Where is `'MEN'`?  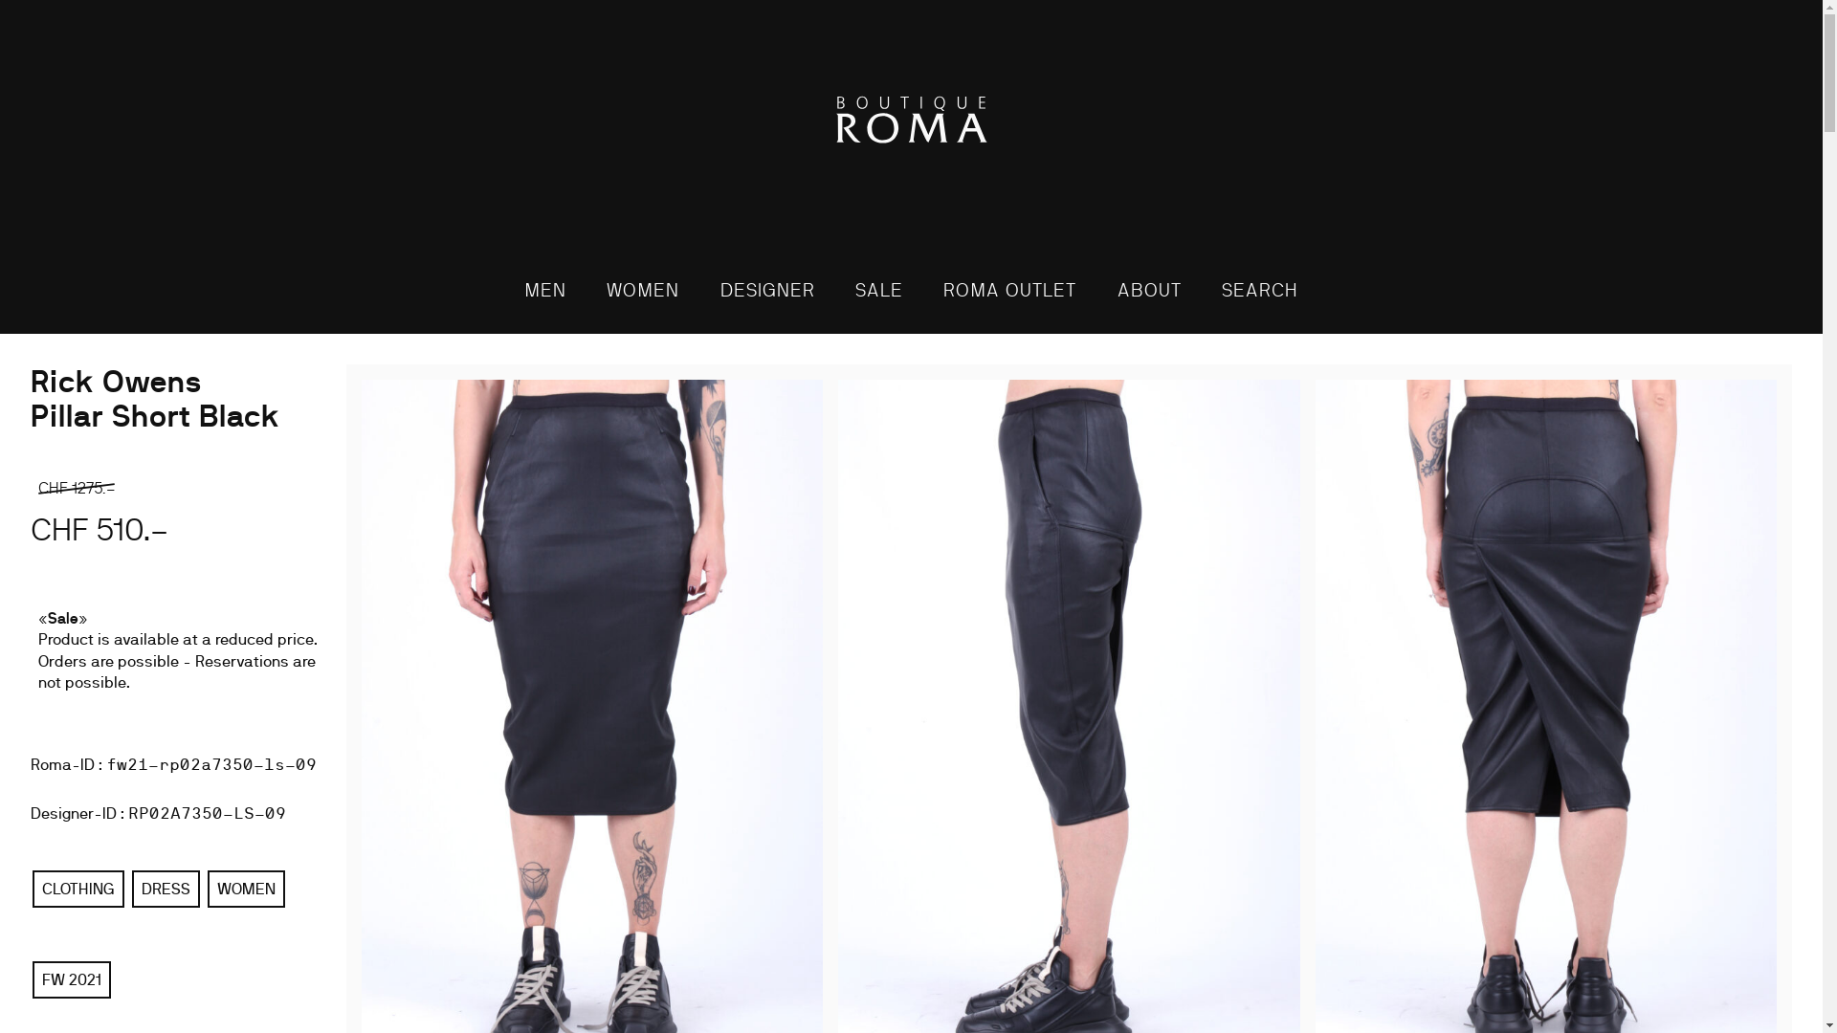
'MEN' is located at coordinates (544, 290).